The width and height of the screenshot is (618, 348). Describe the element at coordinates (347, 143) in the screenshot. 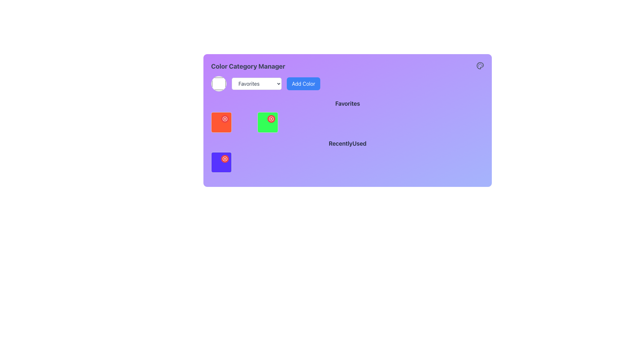

I see `the 'RecentlyUsed' Text Label, which is a non-interactive header positioned above a grid of items and below the 'Favorites' section` at that location.